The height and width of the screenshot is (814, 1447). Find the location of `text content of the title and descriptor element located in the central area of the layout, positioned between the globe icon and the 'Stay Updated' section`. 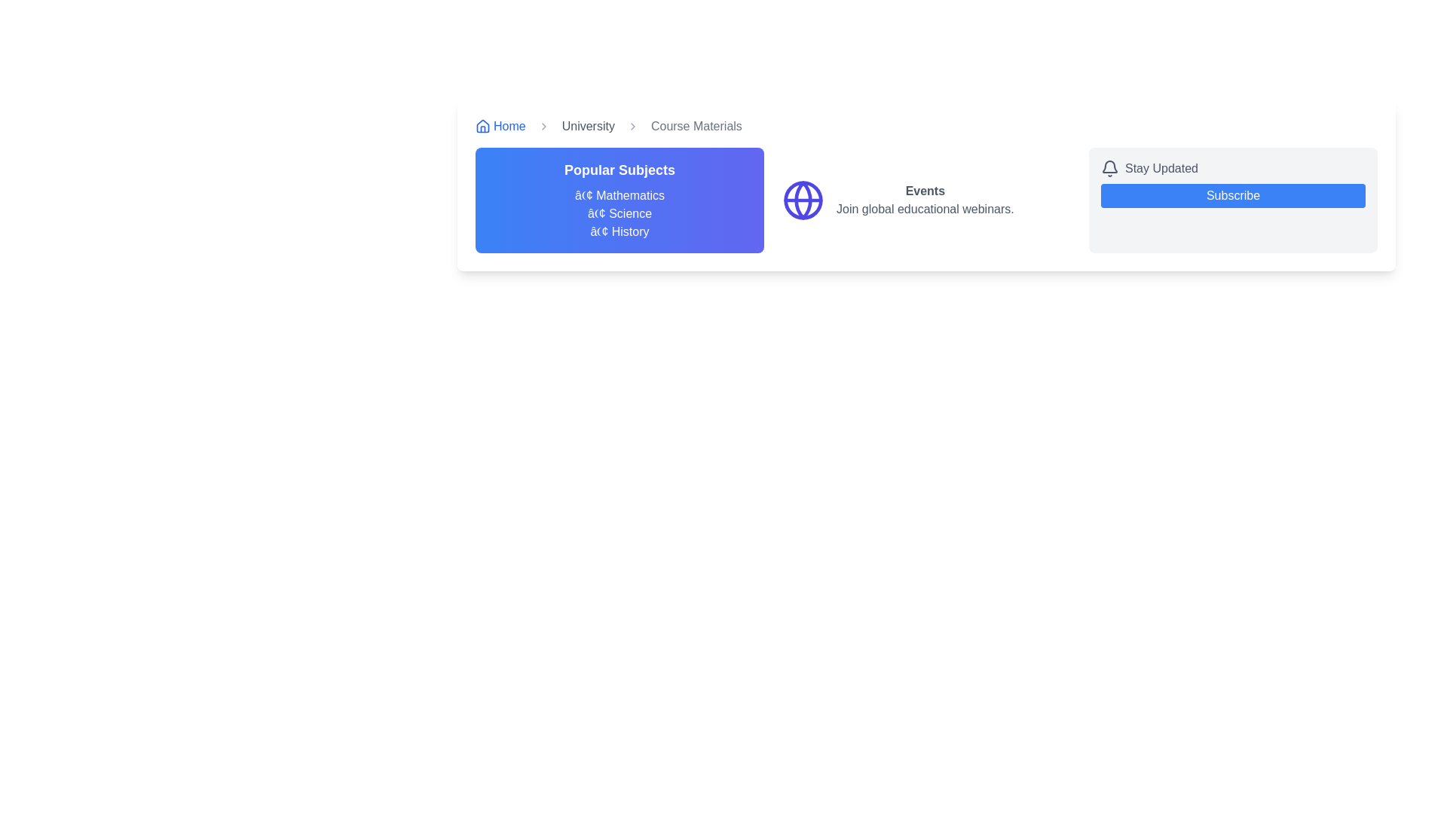

text content of the title and descriptor element located in the central area of the layout, positioned between the globe icon and the 'Stay Updated' section is located at coordinates (924, 200).